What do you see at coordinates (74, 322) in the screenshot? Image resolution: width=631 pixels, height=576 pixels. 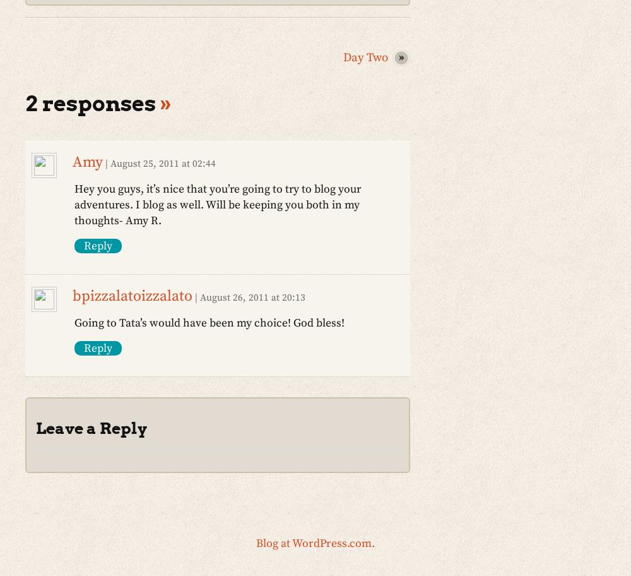 I see `'Going to Tata’s would have been my choice! God bless!'` at bounding box center [74, 322].